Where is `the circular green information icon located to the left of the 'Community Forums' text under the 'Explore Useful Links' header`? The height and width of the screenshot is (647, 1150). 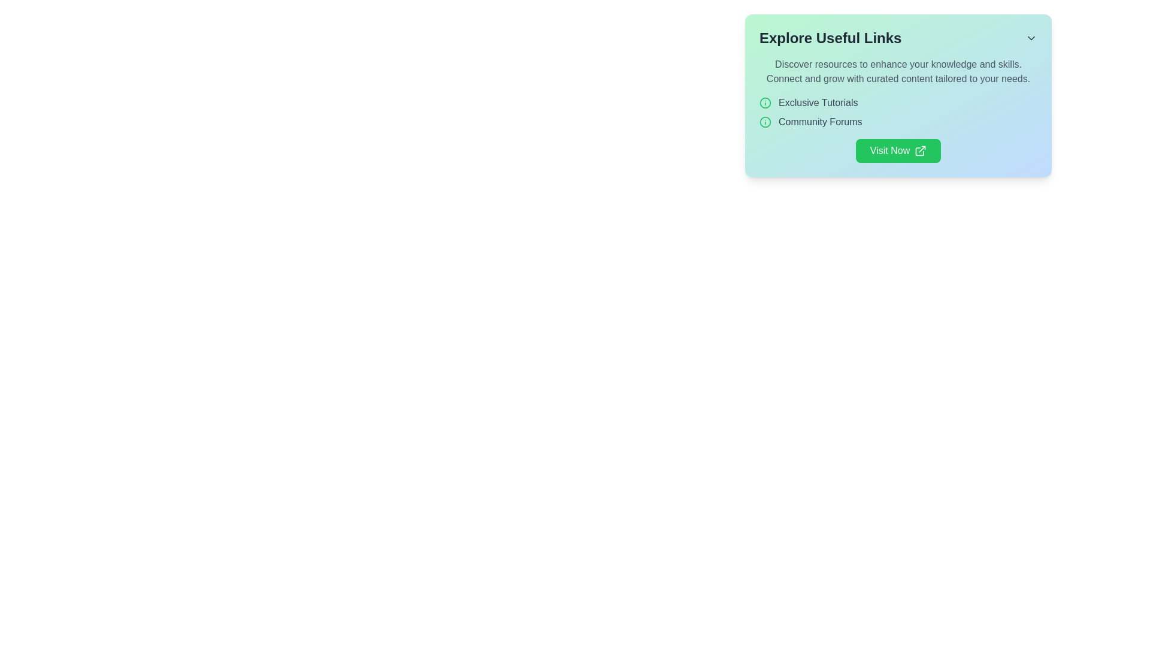 the circular green information icon located to the left of the 'Community Forums' text under the 'Explore Useful Links' header is located at coordinates (764, 122).